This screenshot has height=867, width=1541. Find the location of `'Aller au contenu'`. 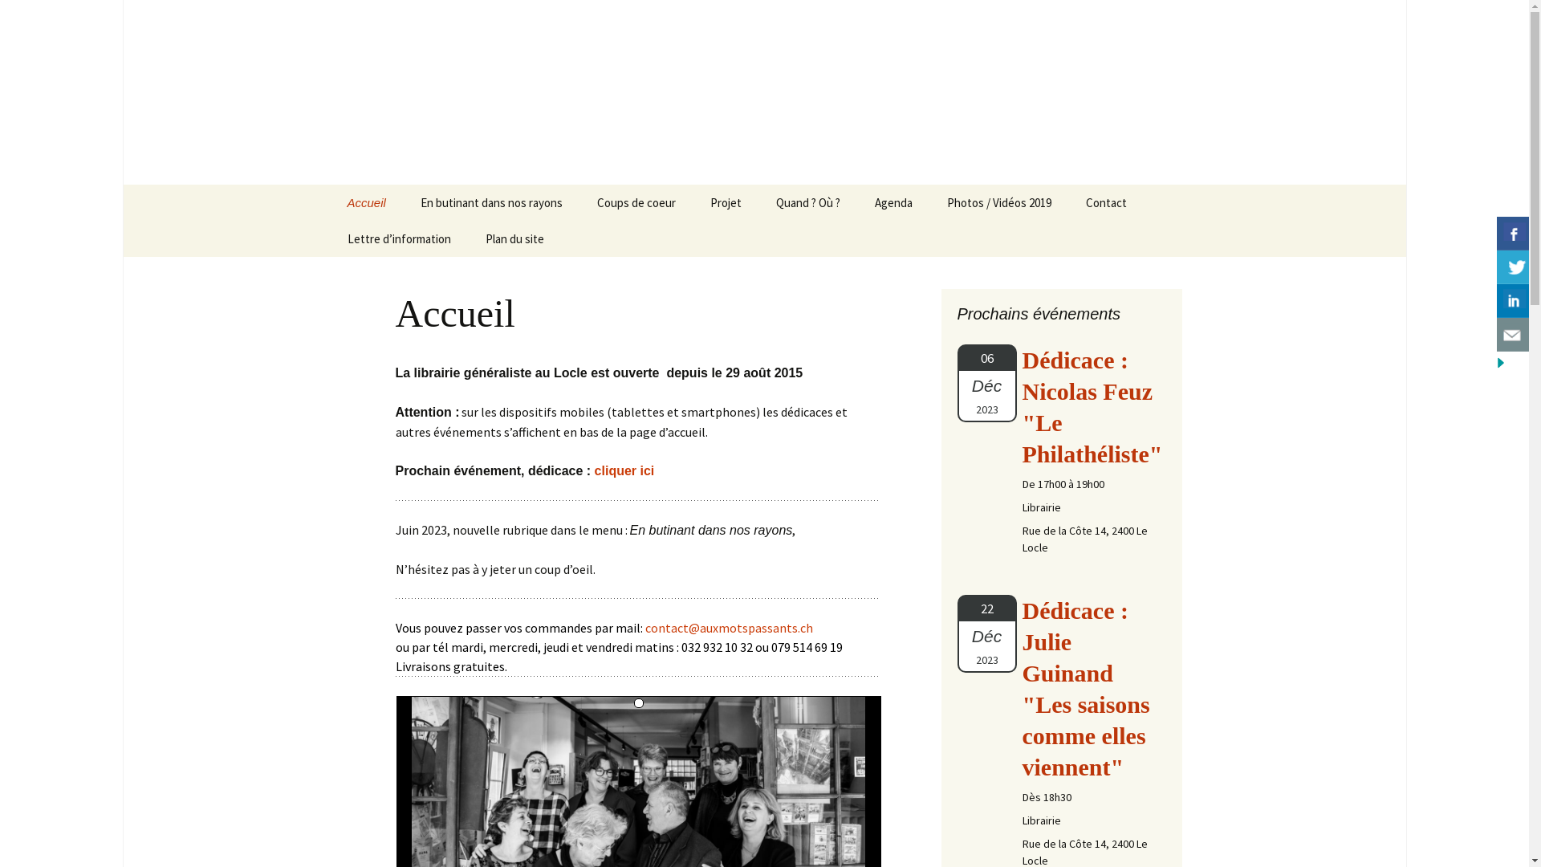

'Aller au contenu' is located at coordinates (330, 183).